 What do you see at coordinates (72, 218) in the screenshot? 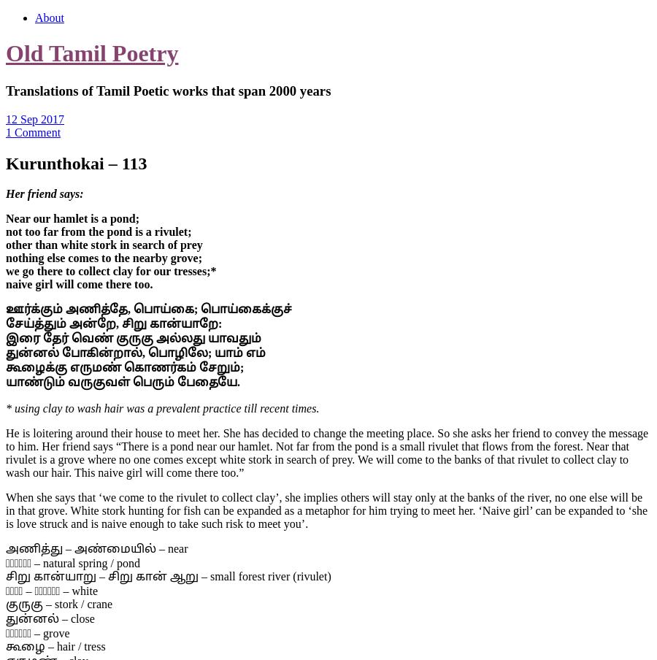
I see `'Near our hamlet is a pond;'` at bounding box center [72, 218].